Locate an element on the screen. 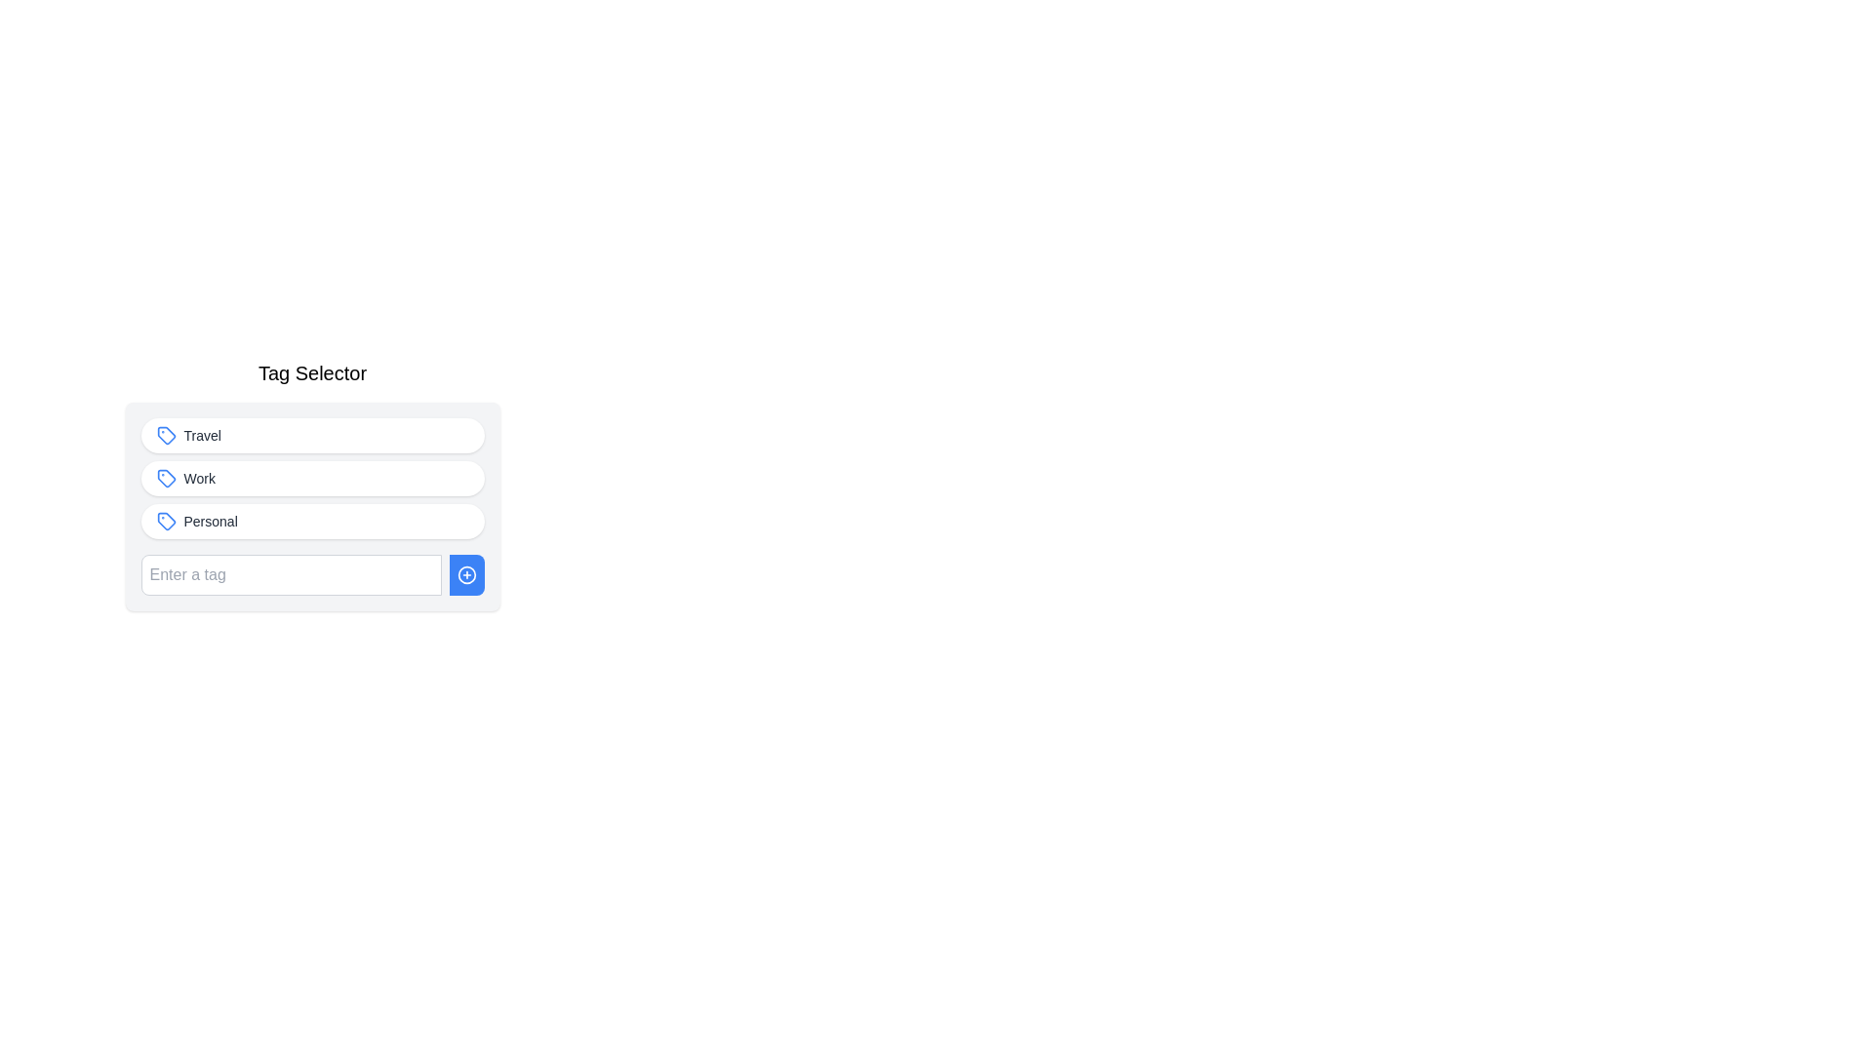 The image size is (1873, 1053). the selectable tag labeled 'Work' is located at coordinates (312, 484).